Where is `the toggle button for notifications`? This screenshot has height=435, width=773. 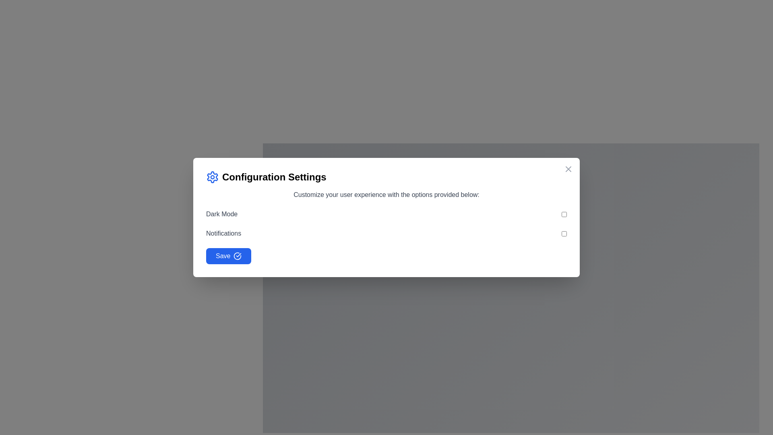 the toggle button for notifications is located at coordinates (564, 233).